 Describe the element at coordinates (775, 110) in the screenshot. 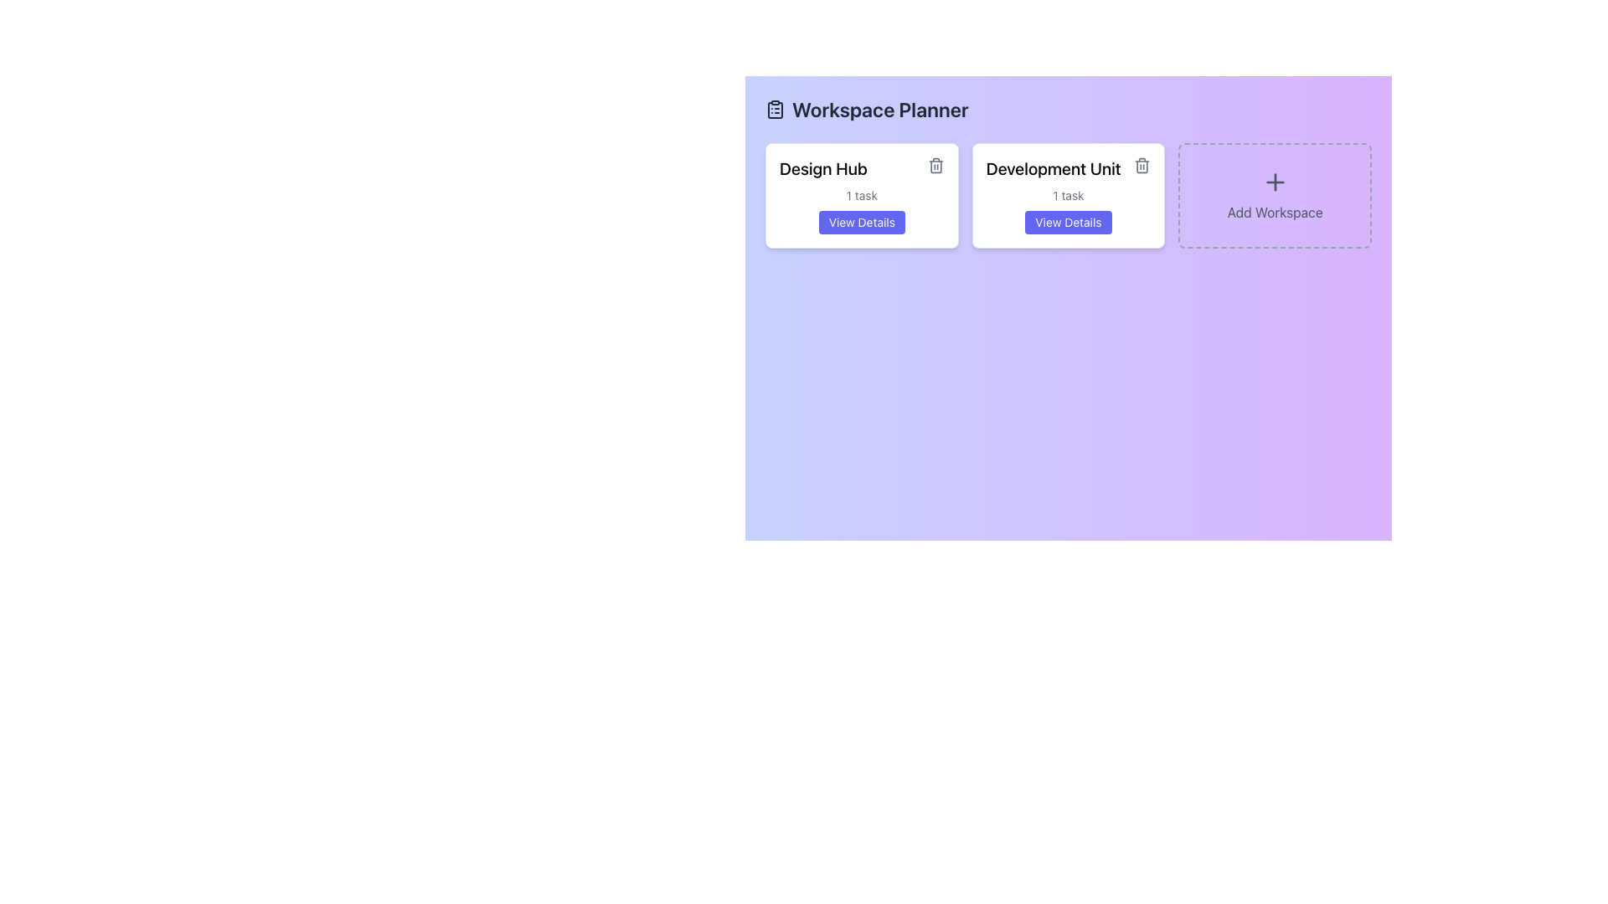

I see `the clipboard icon representing a list, which is part of the SVG group near the top-left area adjacent to the title 'Workspace Planner'` at that location.